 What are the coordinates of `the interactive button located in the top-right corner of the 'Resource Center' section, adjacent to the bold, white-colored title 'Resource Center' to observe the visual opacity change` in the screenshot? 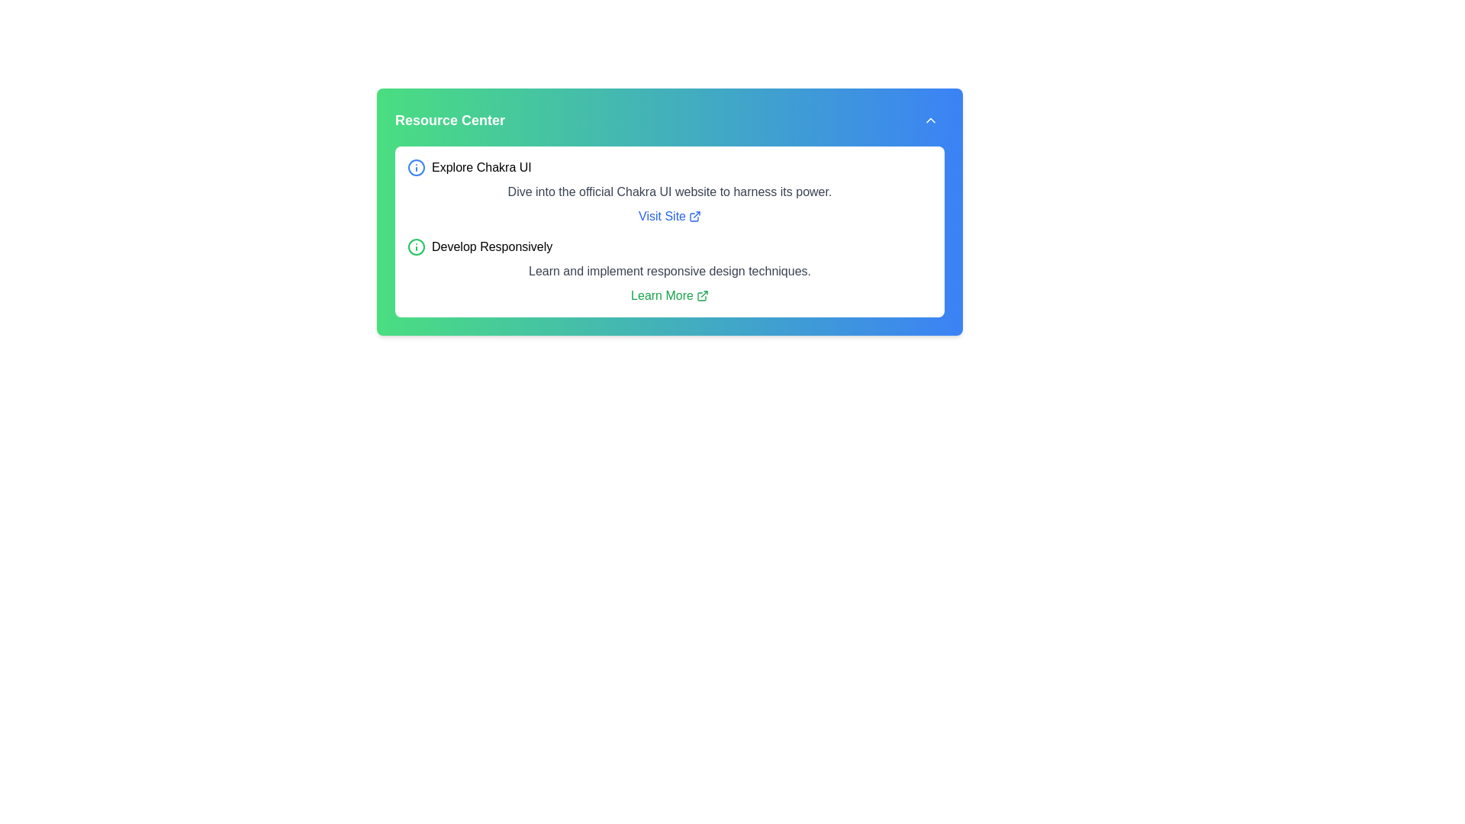 It's located at (929, 120).